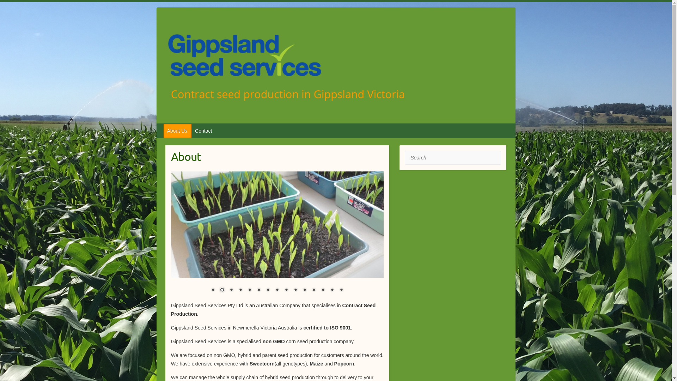 The width and height of the screenshot is (677, 381). Describe the element at coordinates (221, 290) in the screenshot. I see `'2'` at that location.